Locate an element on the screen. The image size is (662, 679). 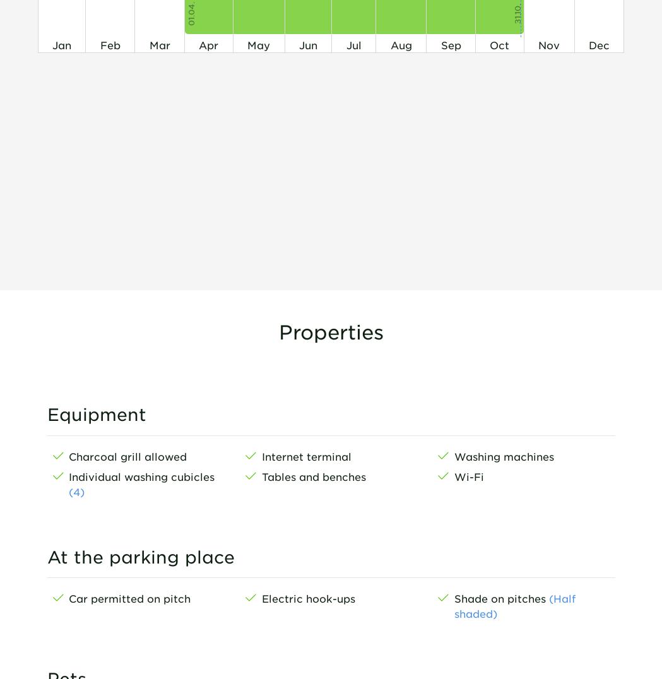
'Equipment' is located at coordinates (96, 413).